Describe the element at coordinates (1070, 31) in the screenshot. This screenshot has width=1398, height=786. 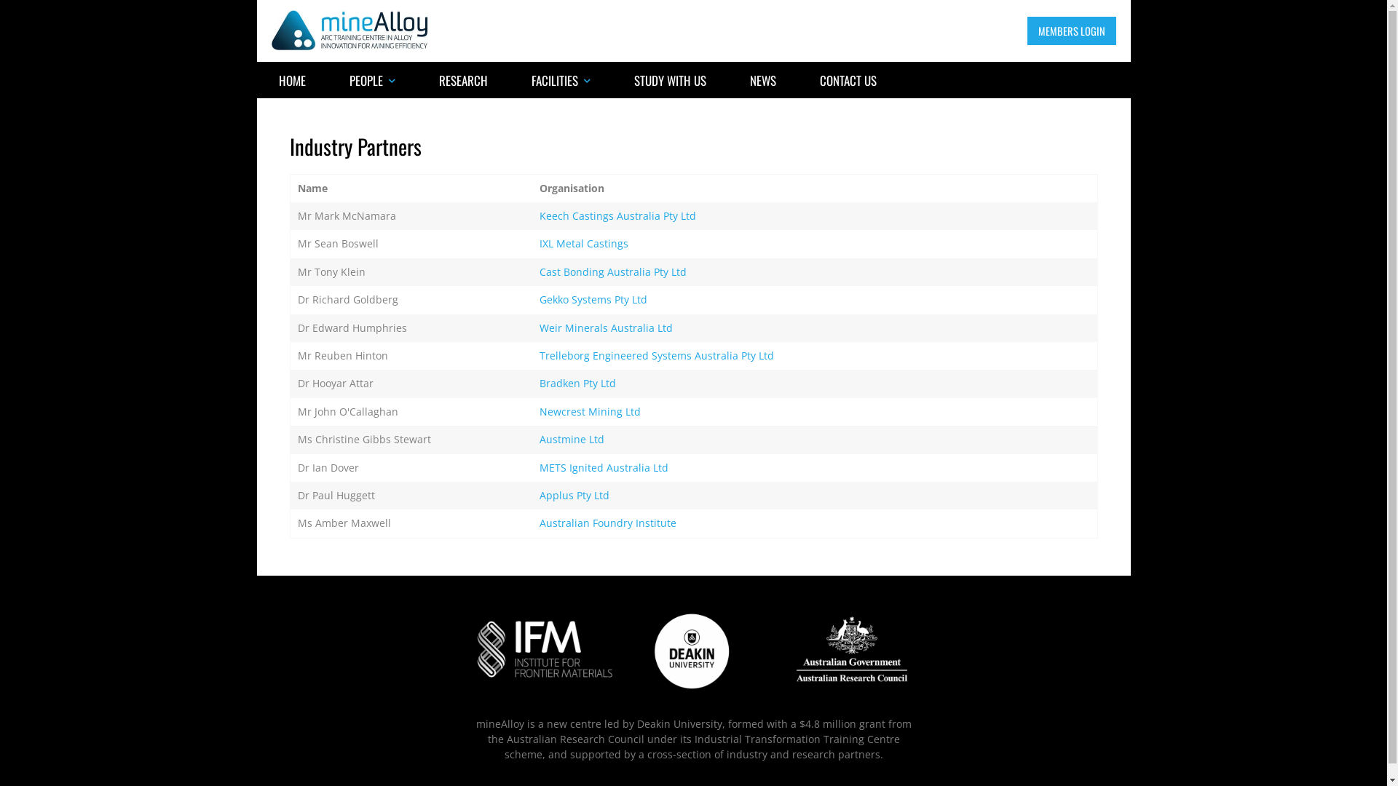
I see `'MEMBERS LOGIN'` at that location.